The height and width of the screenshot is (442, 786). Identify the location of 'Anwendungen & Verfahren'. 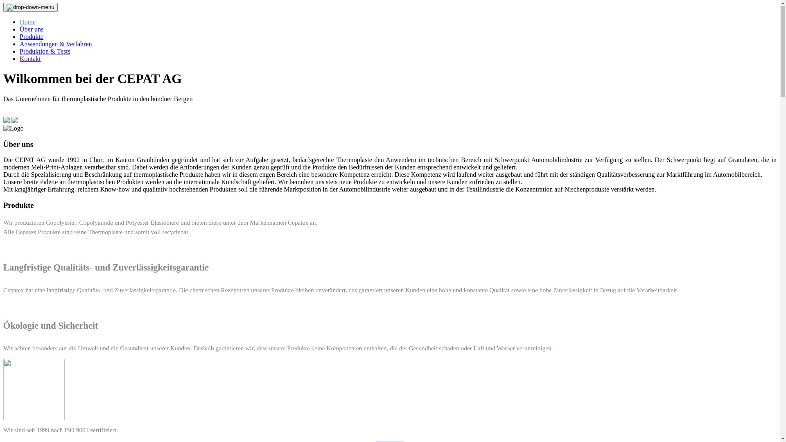
(55, 44).